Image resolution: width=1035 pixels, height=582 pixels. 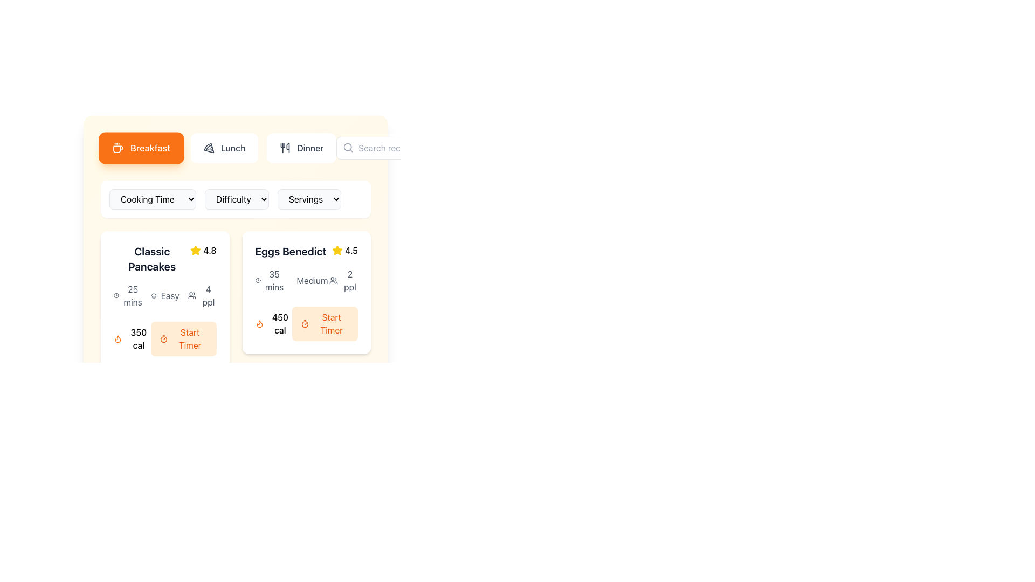 What do you see at coordinates (224, 148) in the screenshot?
I see `the 'Lunch' button, which features a pizza icon and gray text on a white background, located in the top segment of the interface between the 'Breakfast' and 'Dinner' buttons` at bounding box center [224, 148].